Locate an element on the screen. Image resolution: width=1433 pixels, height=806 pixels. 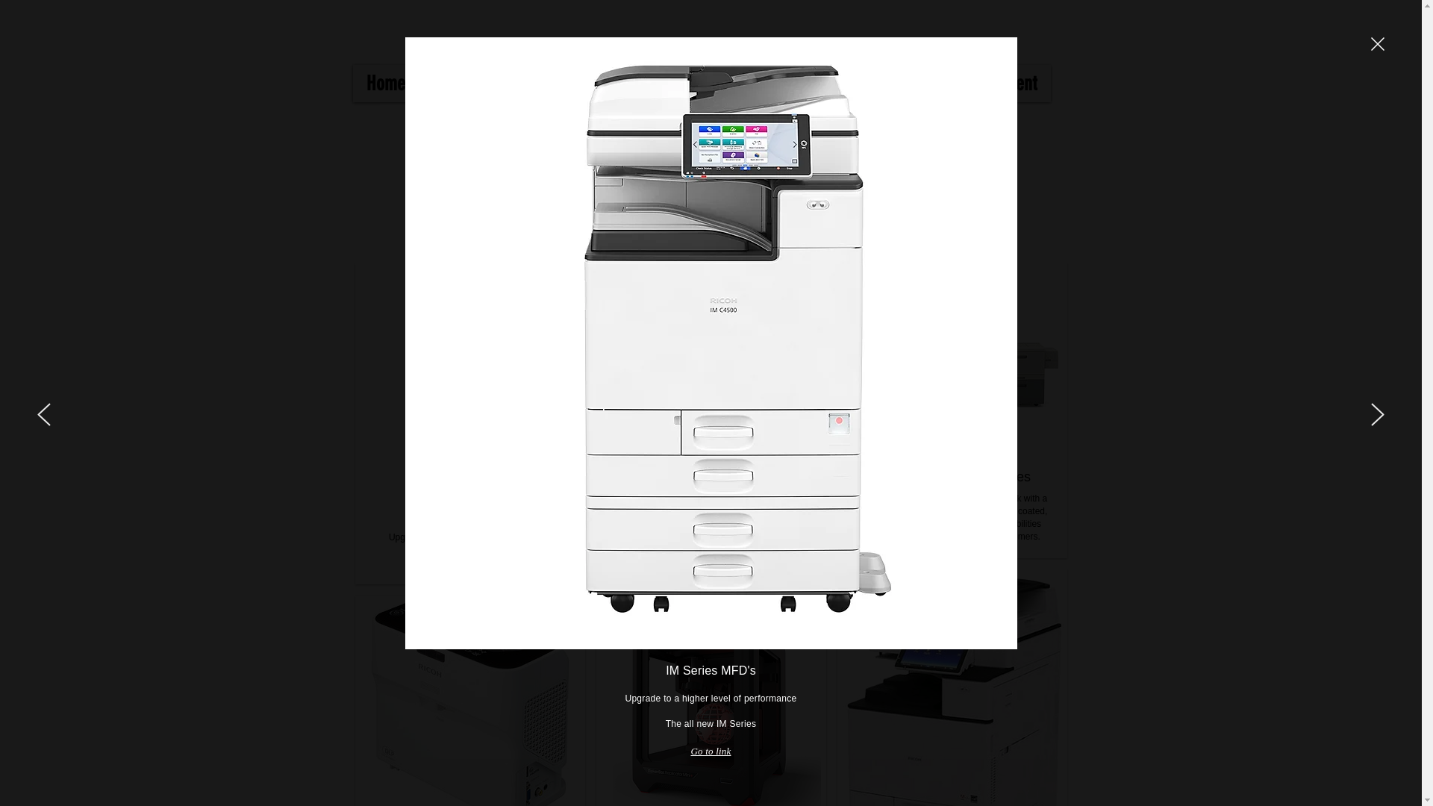
'Book A Service' is located at coordinates (875, 83).